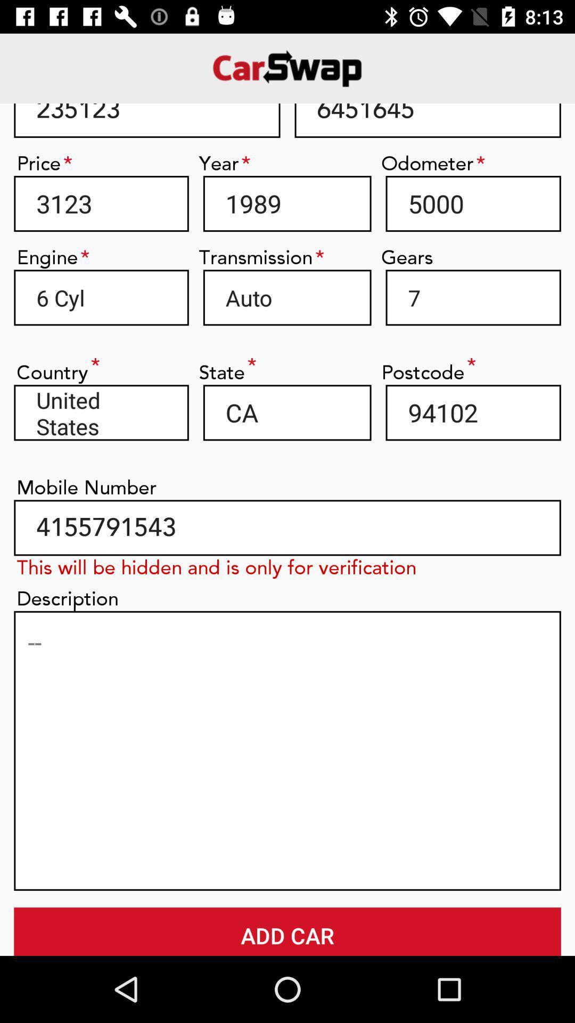 The width and height of the screenshot is (575, 1023). Describe the element at coordinates (286, 412) in the screenshot. I see `ca icon` at that location.